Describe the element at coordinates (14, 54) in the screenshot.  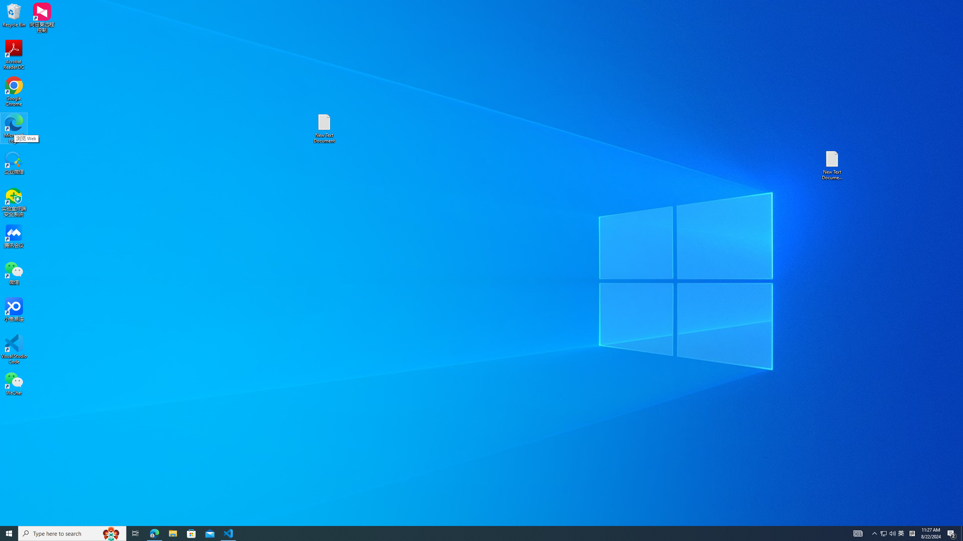
I see `'Acrobat Reader DC'` at that location.